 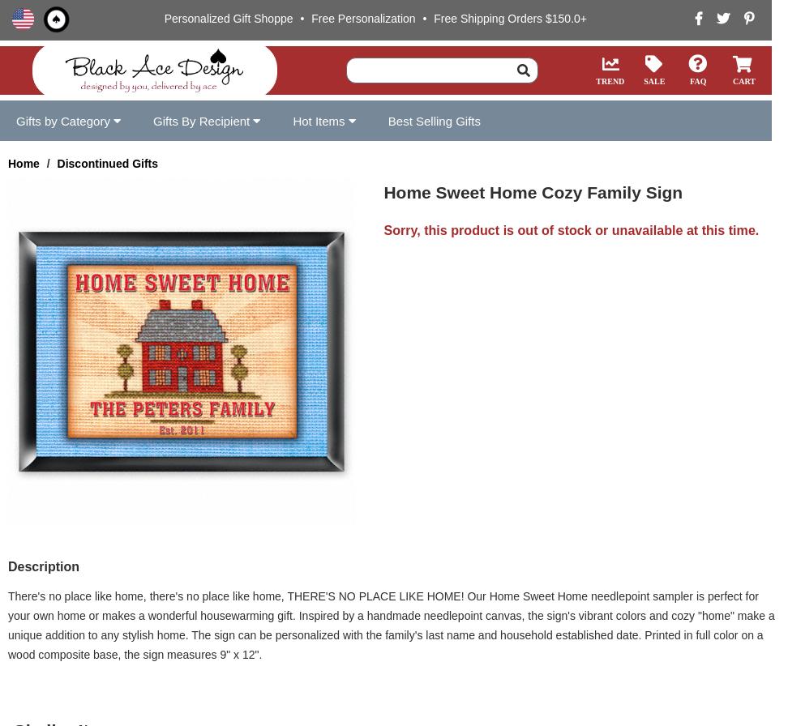 What do you see at coordinates (107, 163) in the screenshot?
I see `'Discontinued Gifts'` at bounding box center [107, 163].